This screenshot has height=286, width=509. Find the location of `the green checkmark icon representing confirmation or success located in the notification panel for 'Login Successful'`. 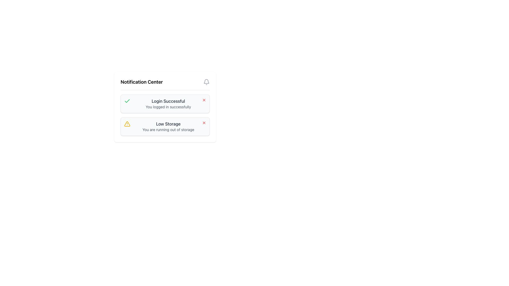

the green checkmark icon representing confirmation or success located in the notification panel for 'Login Successful' is located at coordinates (127, 101).